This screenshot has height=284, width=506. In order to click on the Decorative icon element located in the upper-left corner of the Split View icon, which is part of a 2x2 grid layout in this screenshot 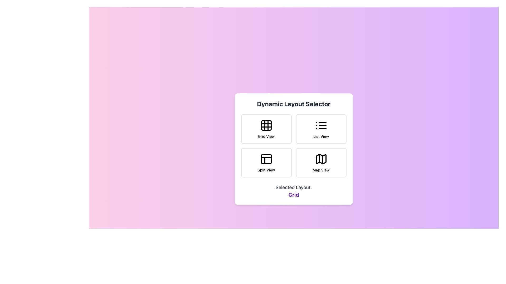, I will do `click(266, 159)`.